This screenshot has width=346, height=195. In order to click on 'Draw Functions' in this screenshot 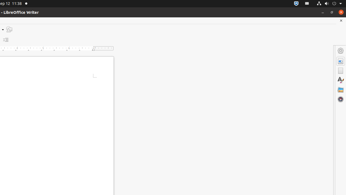, I will do `click(9, 29)`.